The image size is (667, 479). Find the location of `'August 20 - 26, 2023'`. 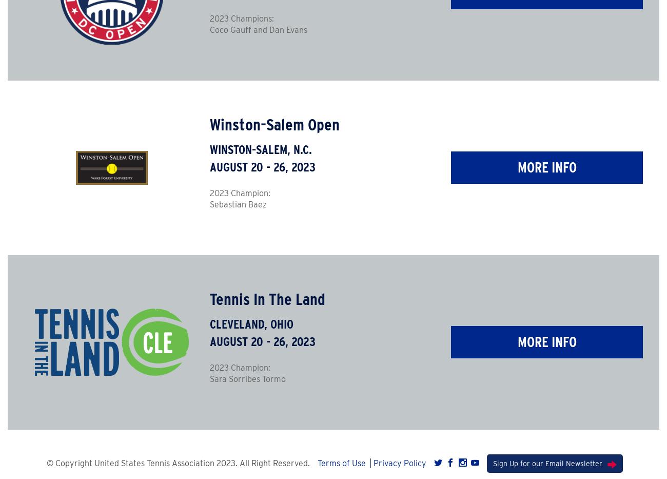

'August 20 - 26, 2023' is located at coordinates (262, 340).